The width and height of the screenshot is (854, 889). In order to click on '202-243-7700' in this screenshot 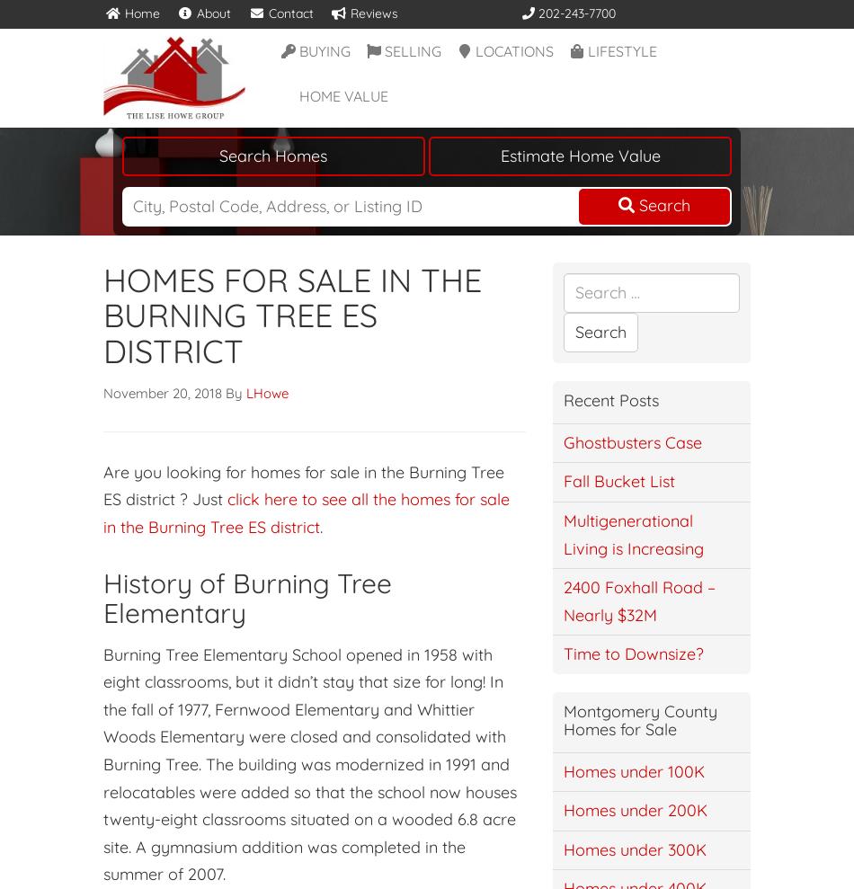, I will do `click(577, 13)`.